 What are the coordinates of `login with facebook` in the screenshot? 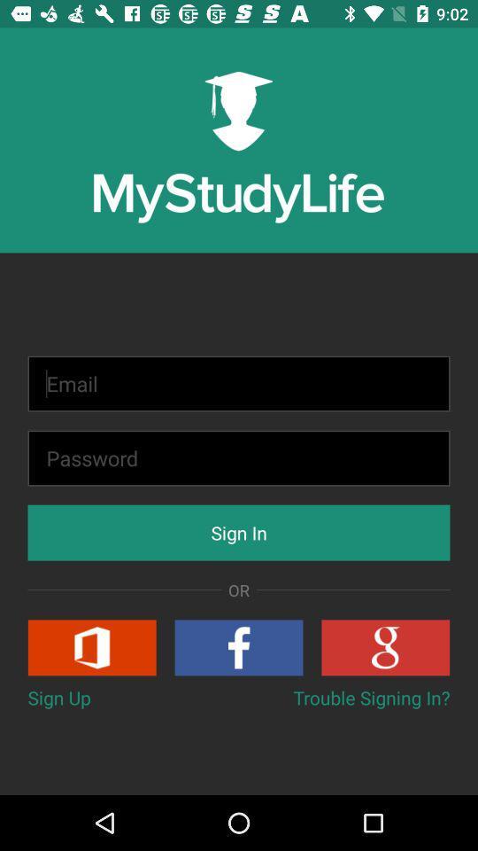 It's located at (239, 646).